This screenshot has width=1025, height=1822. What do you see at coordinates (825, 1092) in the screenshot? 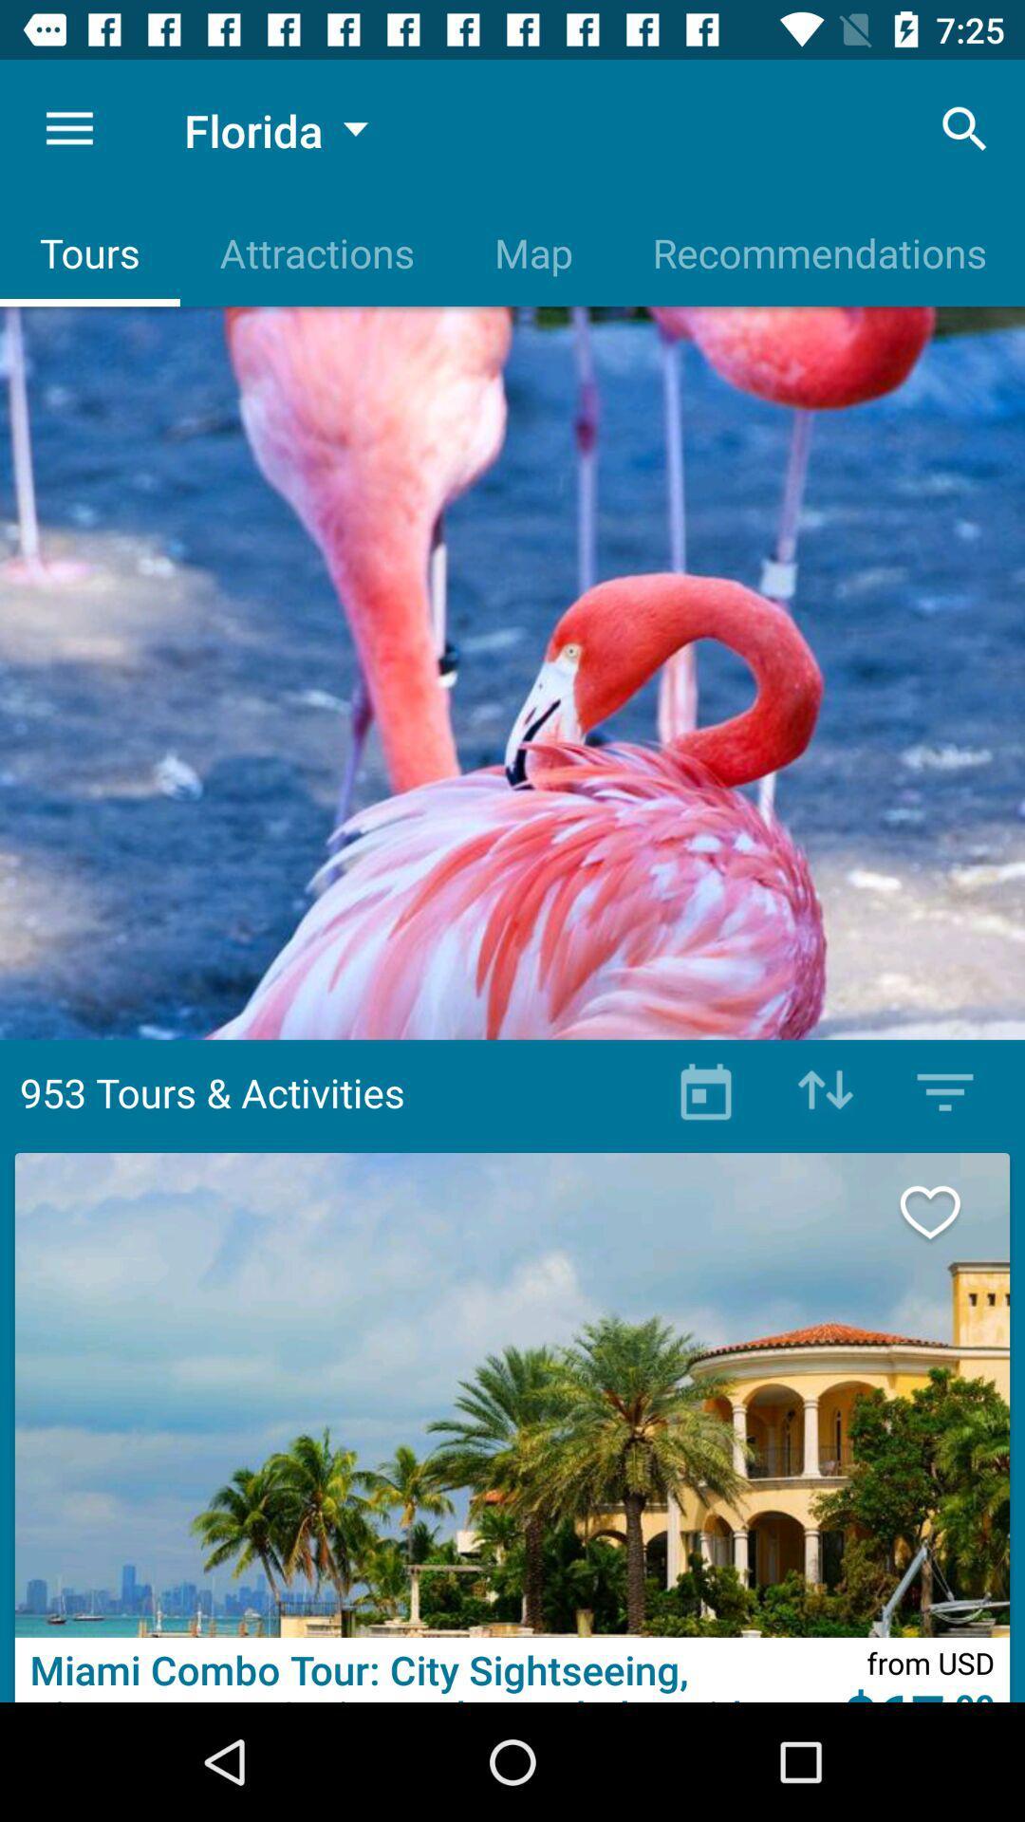
I see `it 's purple arrow pointing to the left` at bounding box center [825, 1092].